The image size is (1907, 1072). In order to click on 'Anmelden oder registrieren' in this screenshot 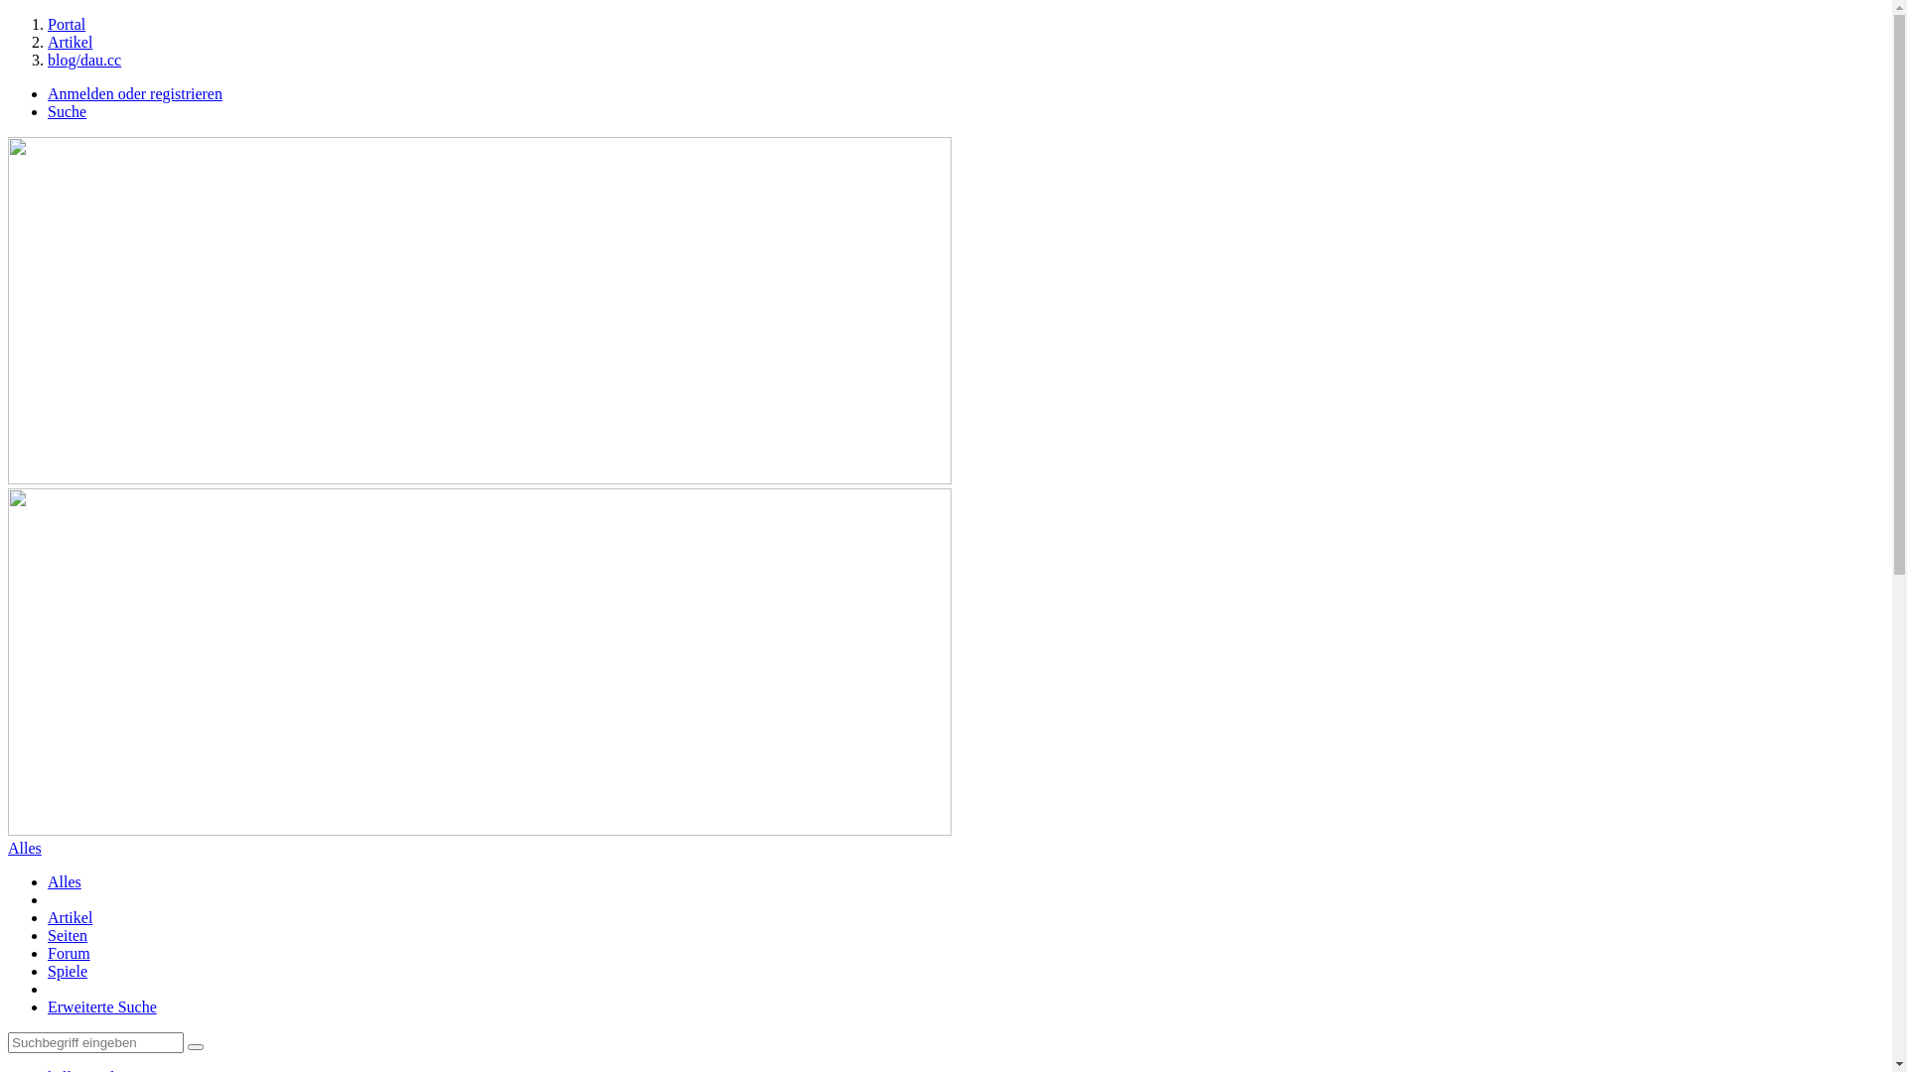, I will do `click(133, 93)`.